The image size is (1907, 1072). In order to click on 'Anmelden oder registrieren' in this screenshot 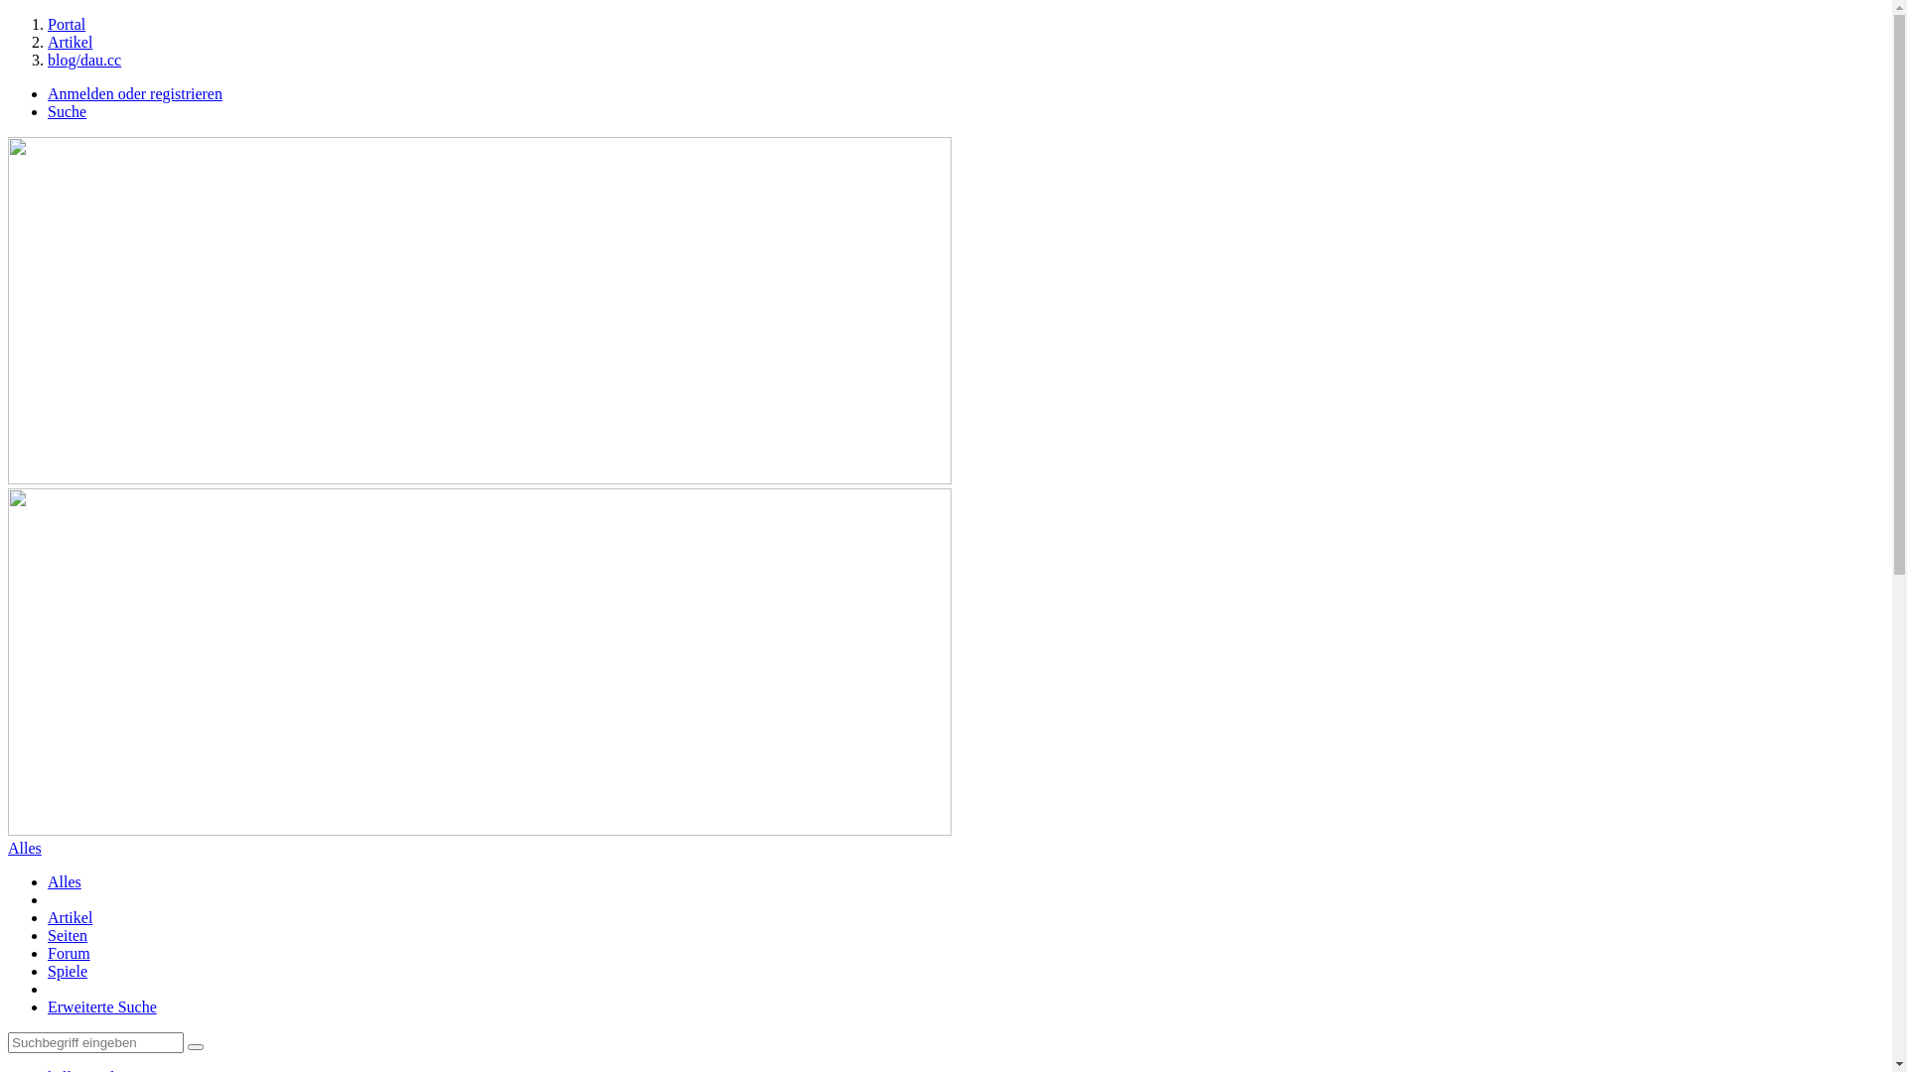, I will do `click(133, 93)`.